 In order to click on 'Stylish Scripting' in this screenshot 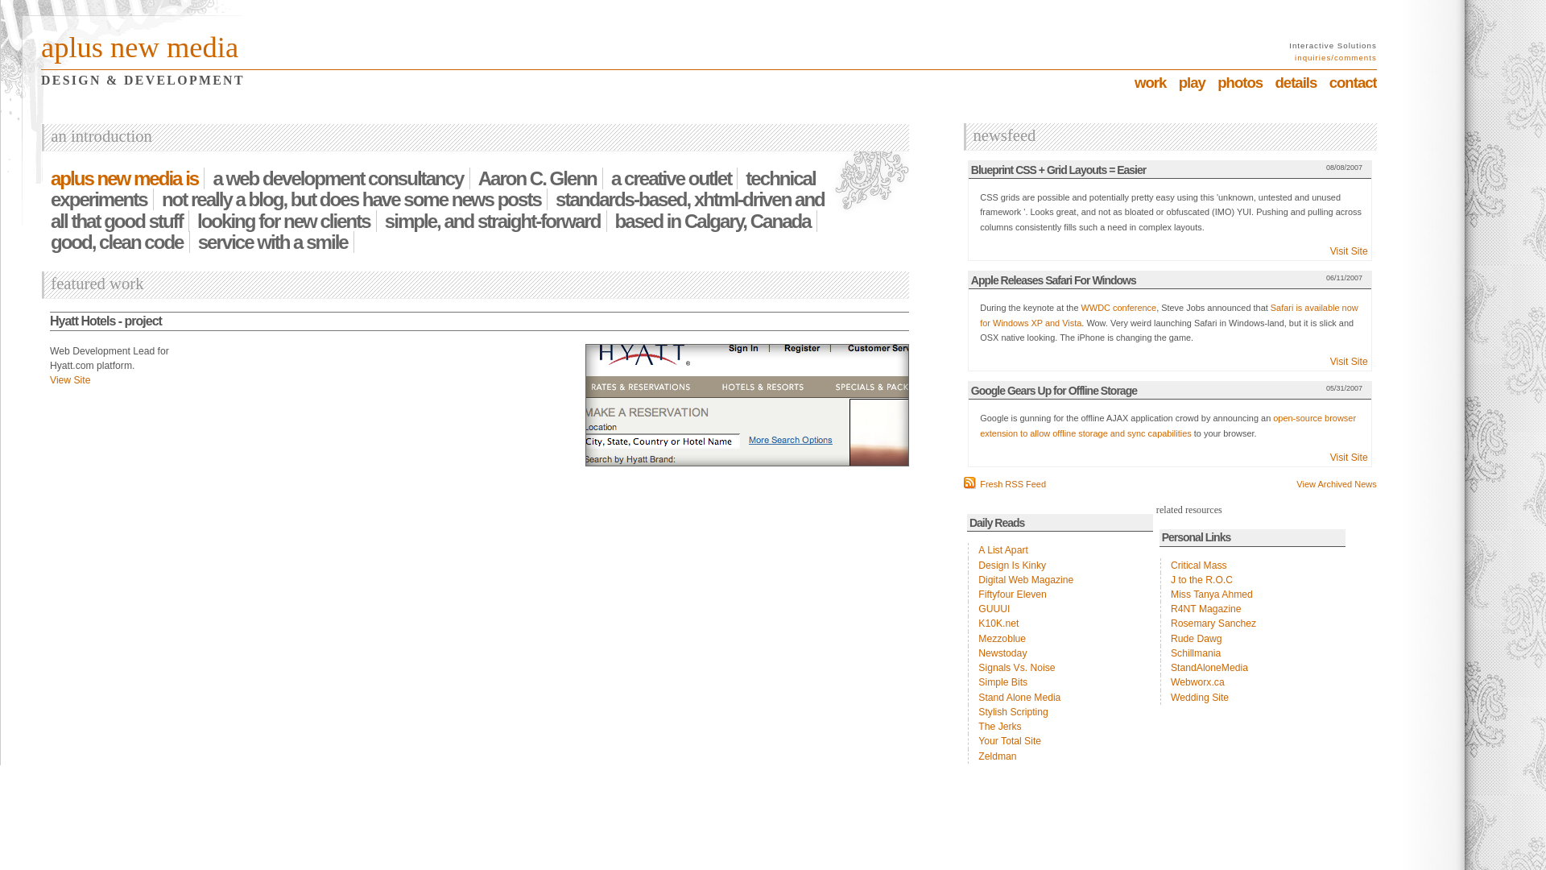, I will do `click(1060, 710)`.